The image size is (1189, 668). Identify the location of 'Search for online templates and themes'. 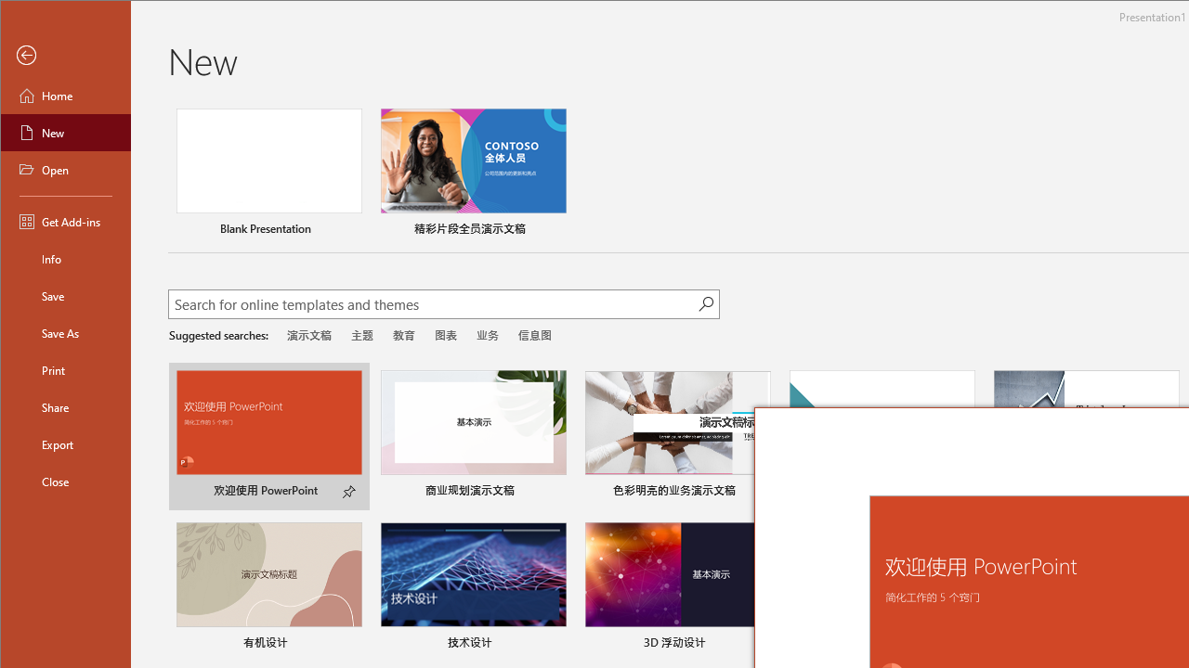
(433, 305).